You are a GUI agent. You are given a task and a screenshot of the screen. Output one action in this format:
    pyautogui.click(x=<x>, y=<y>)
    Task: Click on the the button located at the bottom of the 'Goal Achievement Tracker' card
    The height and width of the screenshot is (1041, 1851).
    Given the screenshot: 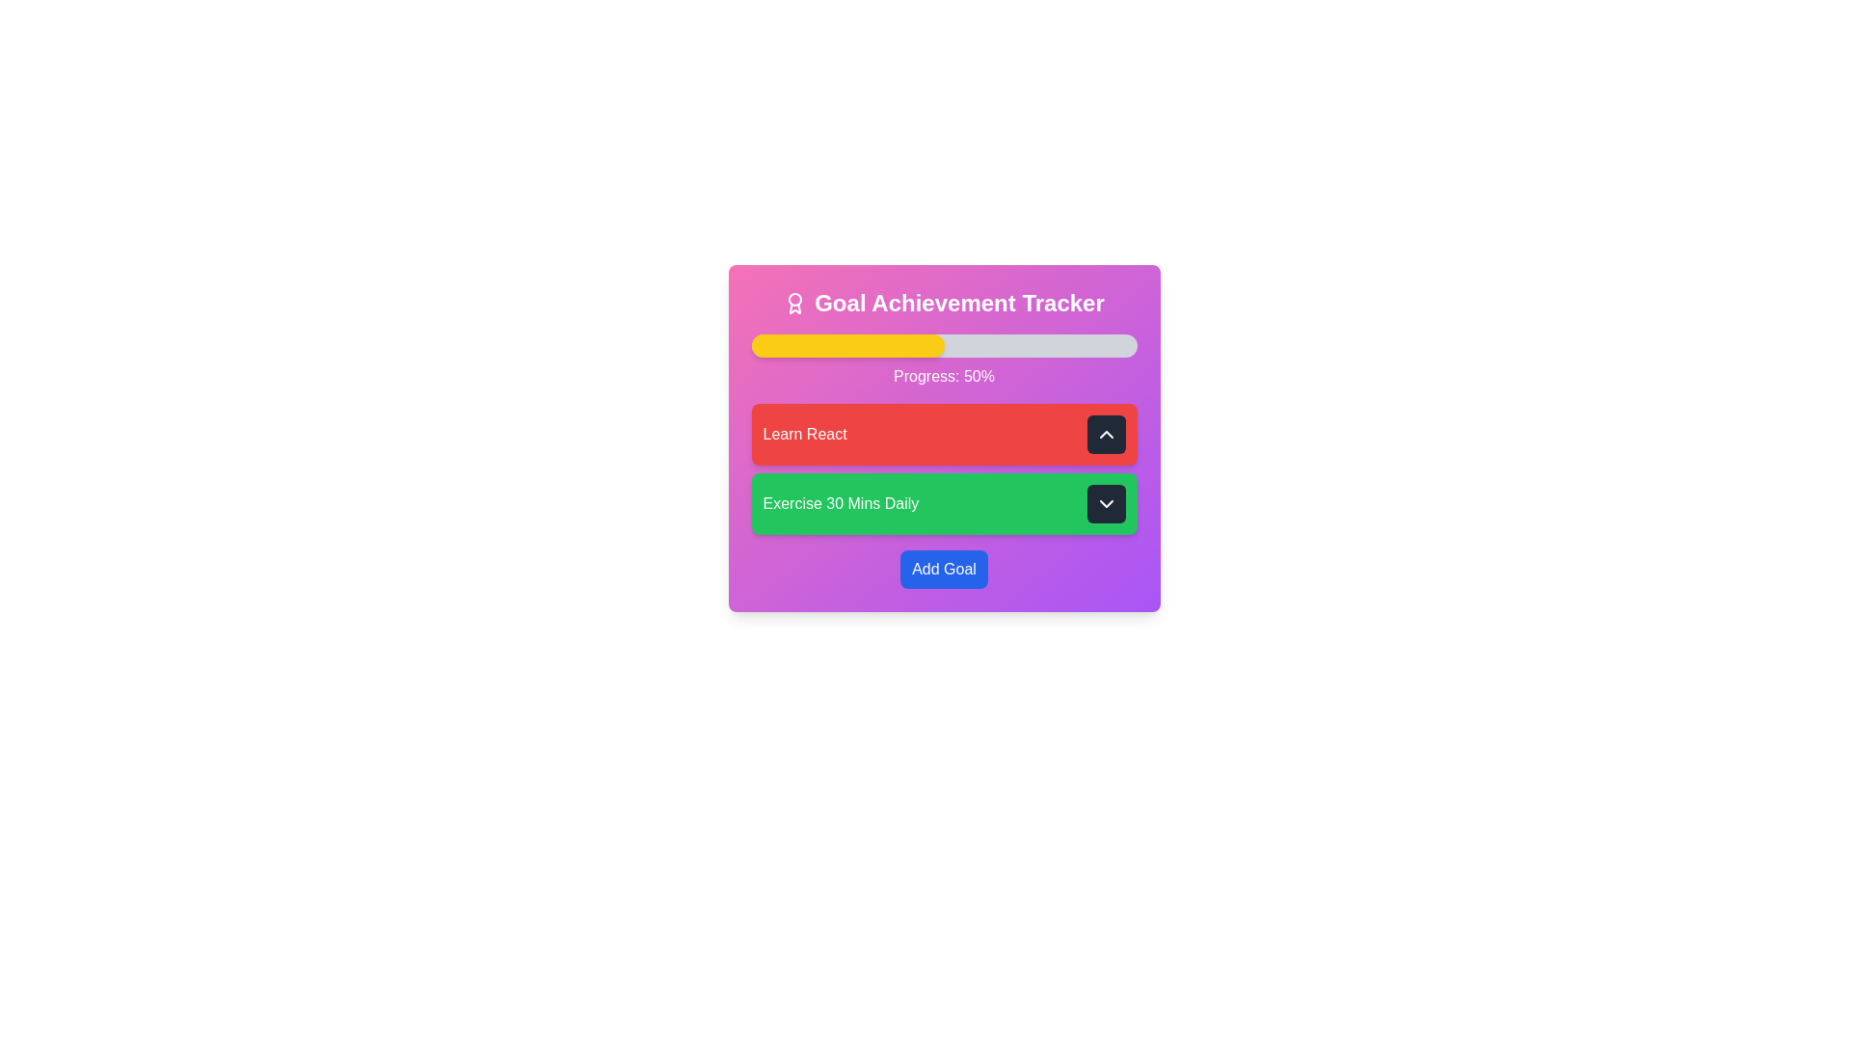 What is the action you would take?
    pyautogui.click(x=944, y=568)
    